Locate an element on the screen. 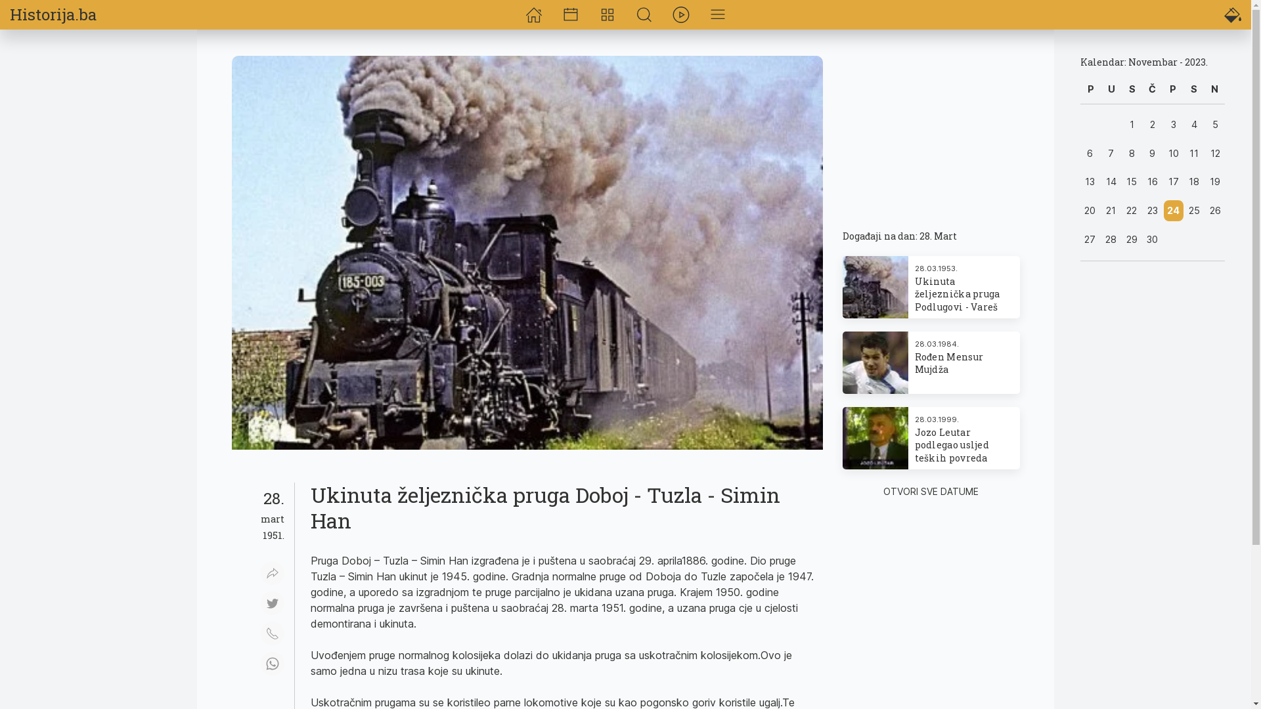  '12' is located at coordinates (1214, 153).